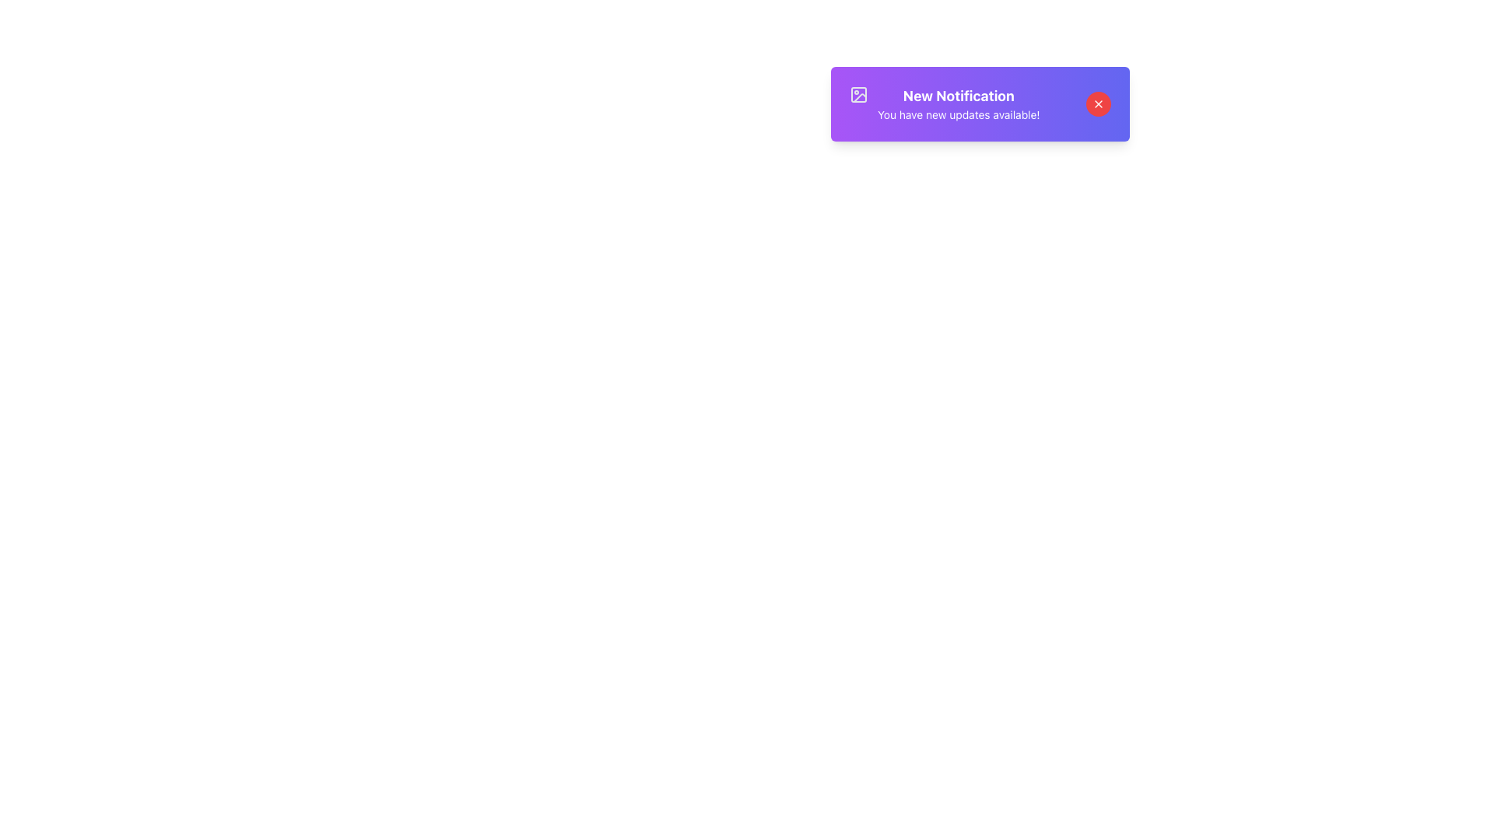 This screenshot has height=840, width=1494. Describe the element at coordinates (858, 95) in the screenshot. I see `the SVG Rectangle that serves as an icon representing an image or picture, located in the top left section of the notification card element` at that location.